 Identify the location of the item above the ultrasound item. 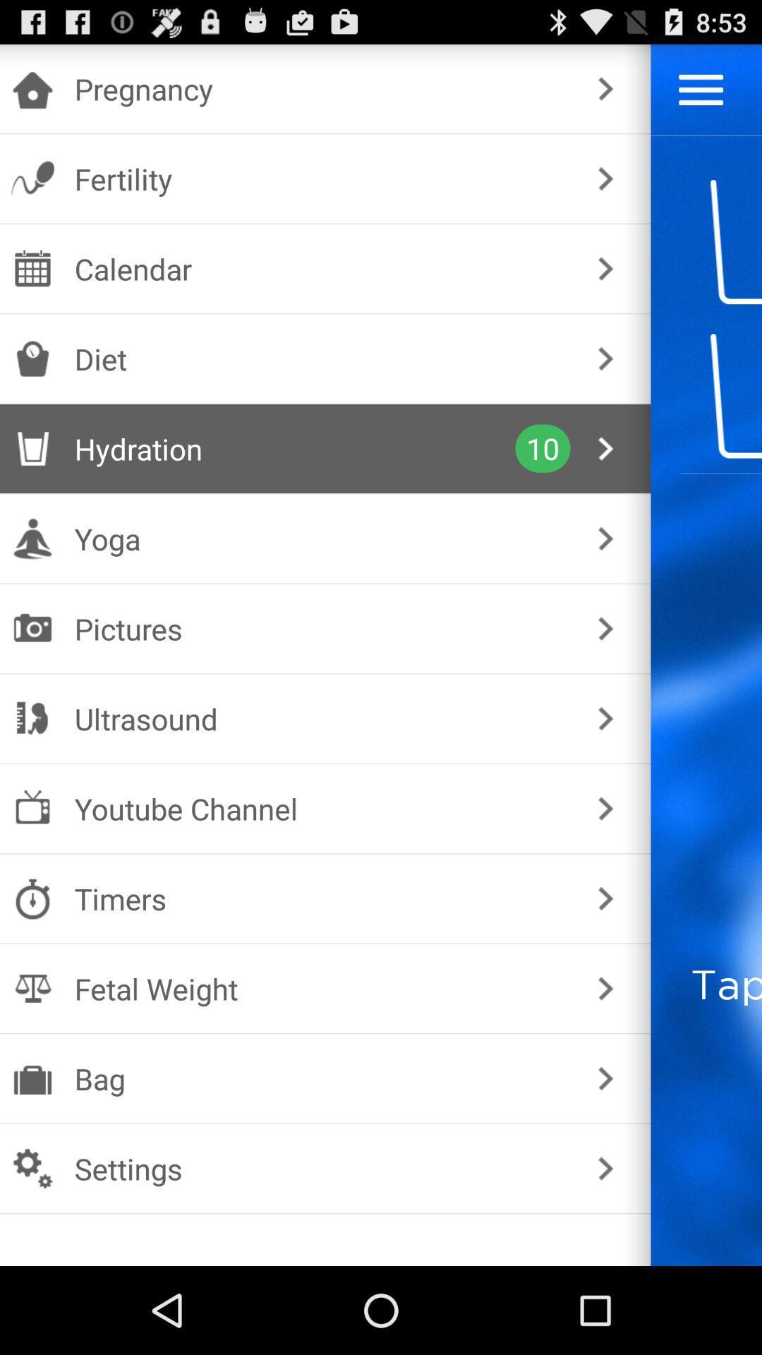
(322, 628).